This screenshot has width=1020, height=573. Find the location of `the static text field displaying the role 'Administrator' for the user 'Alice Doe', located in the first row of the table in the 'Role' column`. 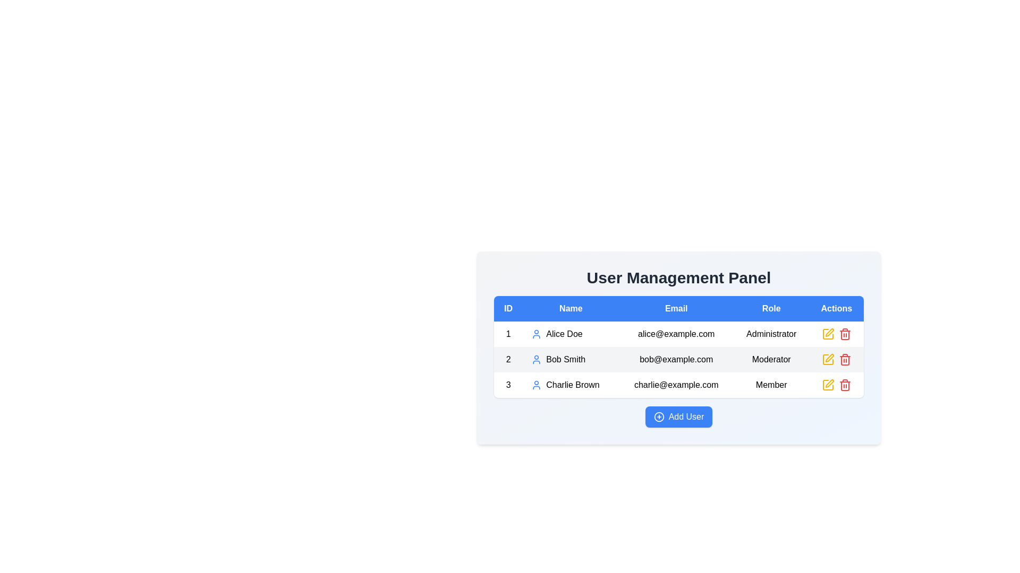

the static text field displaying the role 'Administrator' for the user 'Alice Doe', located in the first row of the table in the 'Role' column is located at coordinates (771, 333).